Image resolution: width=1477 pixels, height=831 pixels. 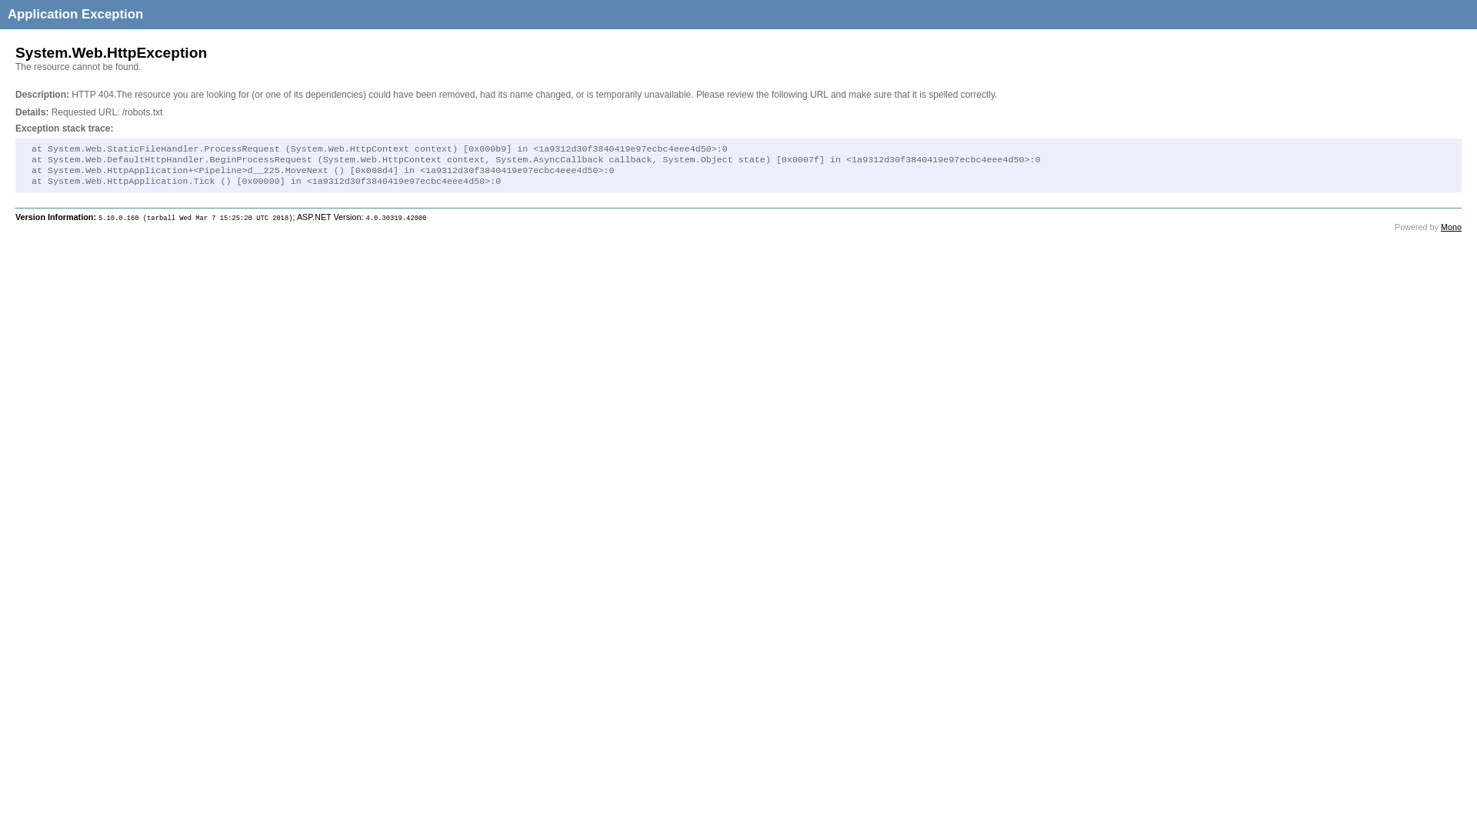 What do you see at coordinates (1439, 226) in the screenshot?
I see `'Mono'` at bounding box center [1439, 226].